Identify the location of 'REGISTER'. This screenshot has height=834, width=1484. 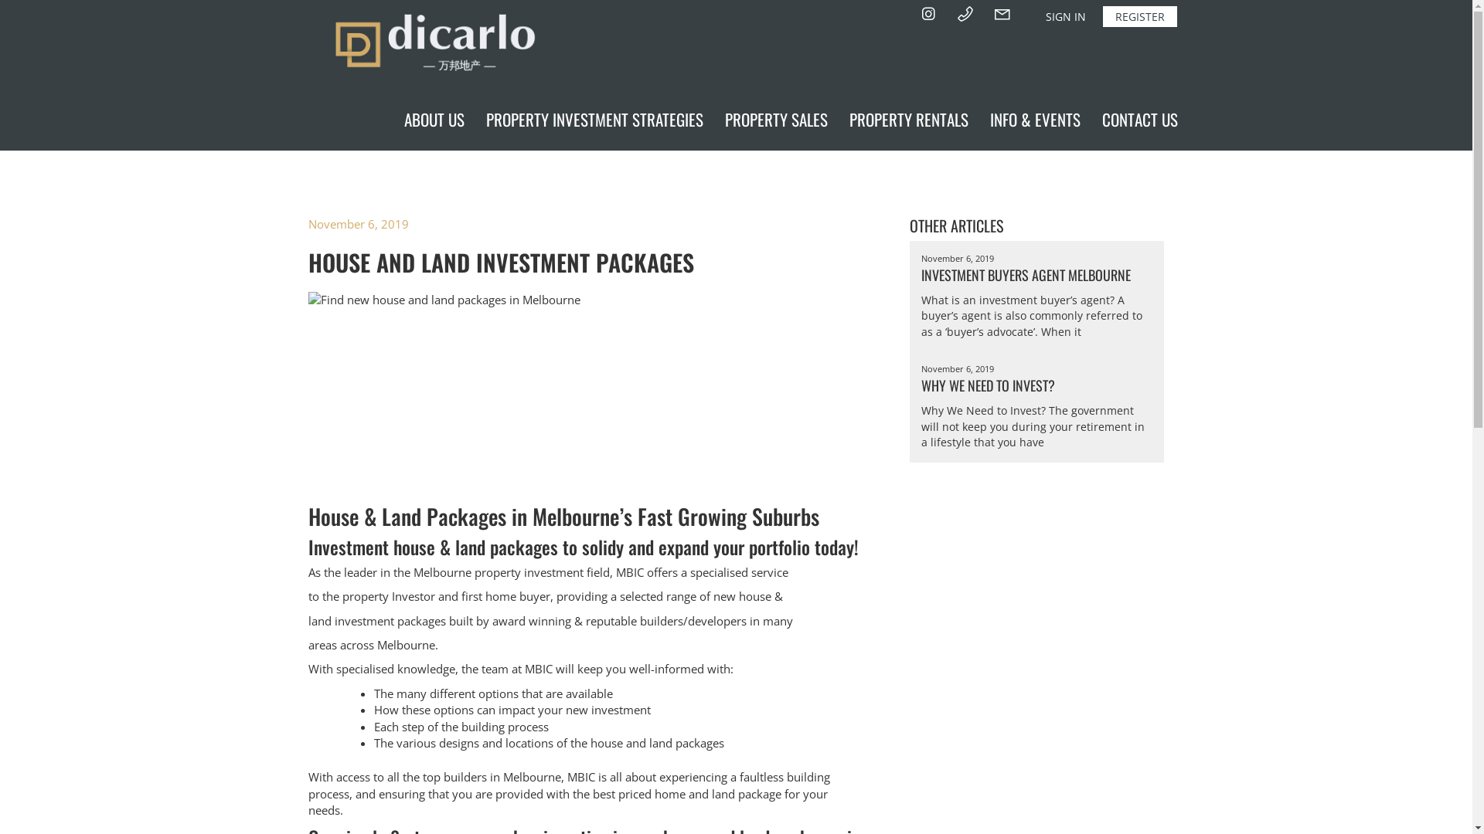
(1139, 16).